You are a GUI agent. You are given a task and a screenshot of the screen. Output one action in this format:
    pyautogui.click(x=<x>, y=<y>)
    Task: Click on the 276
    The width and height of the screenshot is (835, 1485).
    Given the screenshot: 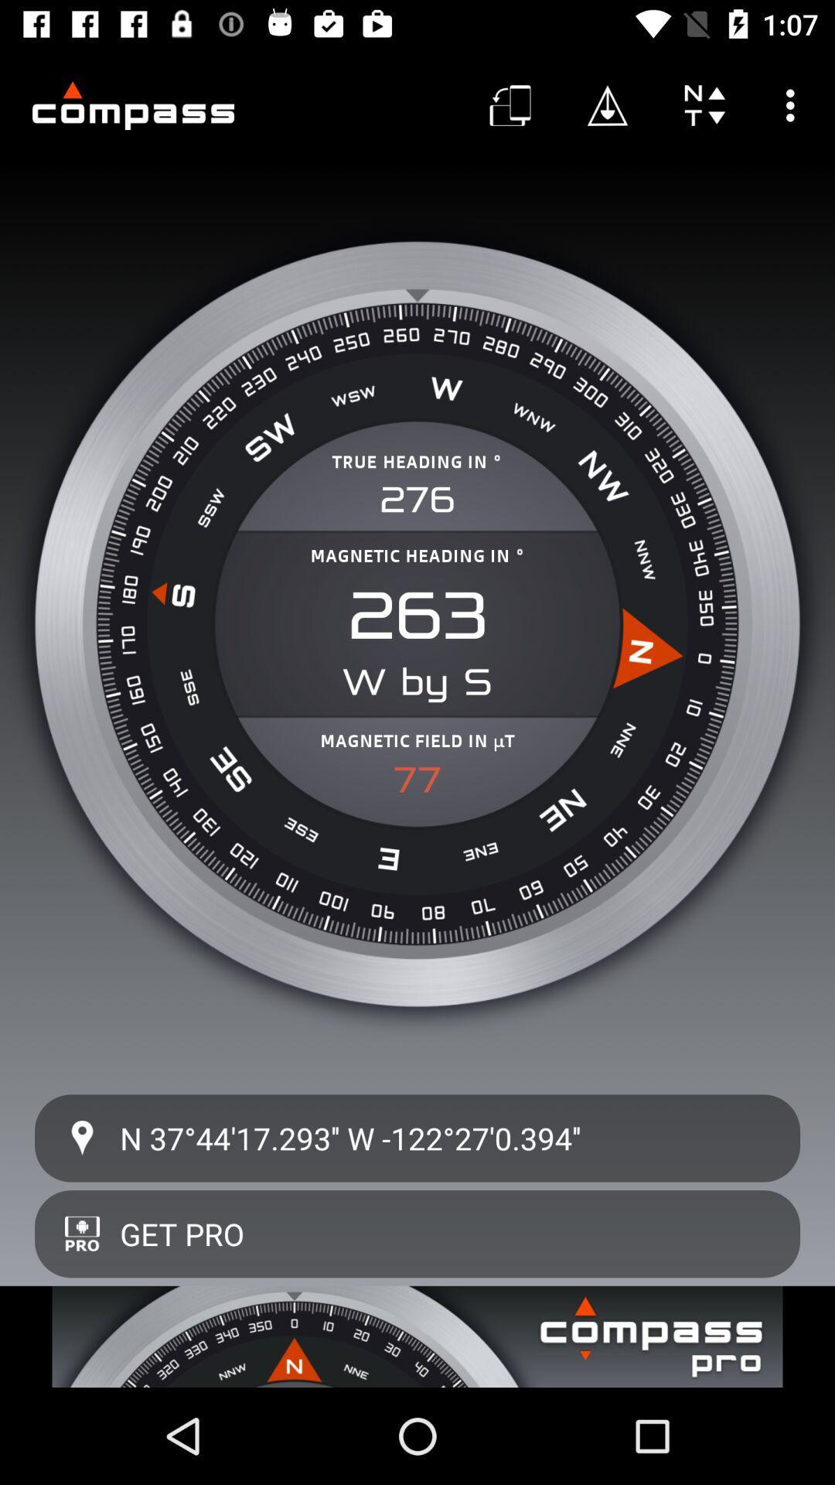 What is the action you would take?
    pyautogui.click(x=417, y=500)
    